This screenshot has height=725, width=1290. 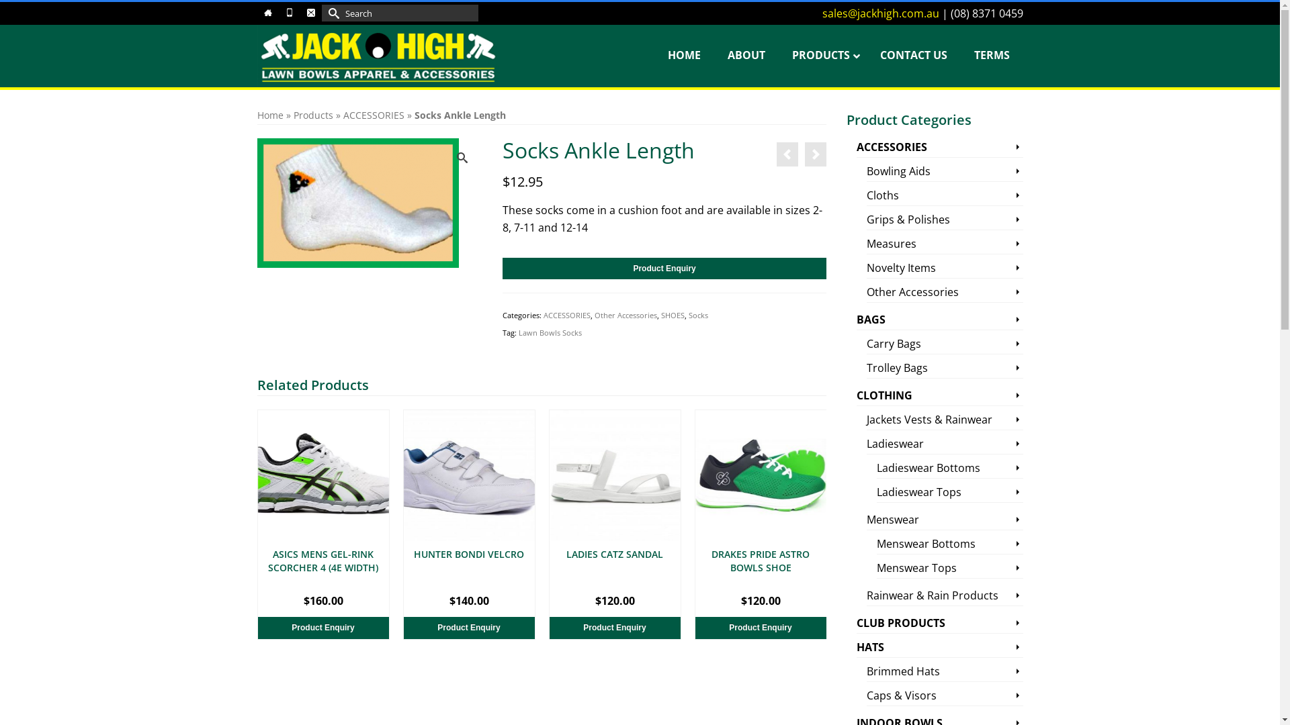 What do you see at coordinates (376, 55) in the screenshot?
I see `'Jack High'` at bounding box center [376, 55].